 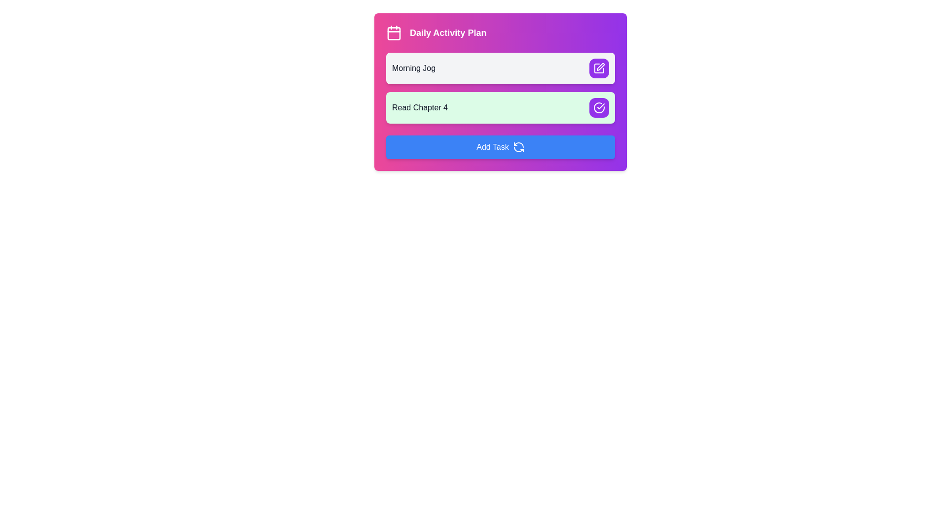 I want to click on the decorative graphical element located at the upper-left corner of the purple header containing the text 'Daily Activity Plan', so click(x=393, y=33).